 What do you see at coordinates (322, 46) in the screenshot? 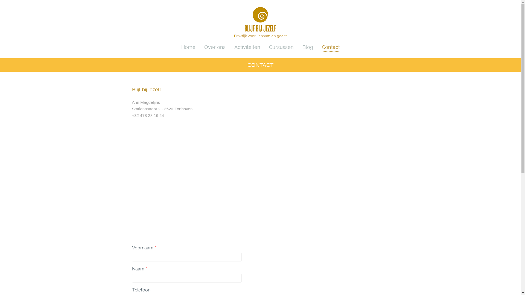
I see `'Contact'` at bounding box center [322, 46].